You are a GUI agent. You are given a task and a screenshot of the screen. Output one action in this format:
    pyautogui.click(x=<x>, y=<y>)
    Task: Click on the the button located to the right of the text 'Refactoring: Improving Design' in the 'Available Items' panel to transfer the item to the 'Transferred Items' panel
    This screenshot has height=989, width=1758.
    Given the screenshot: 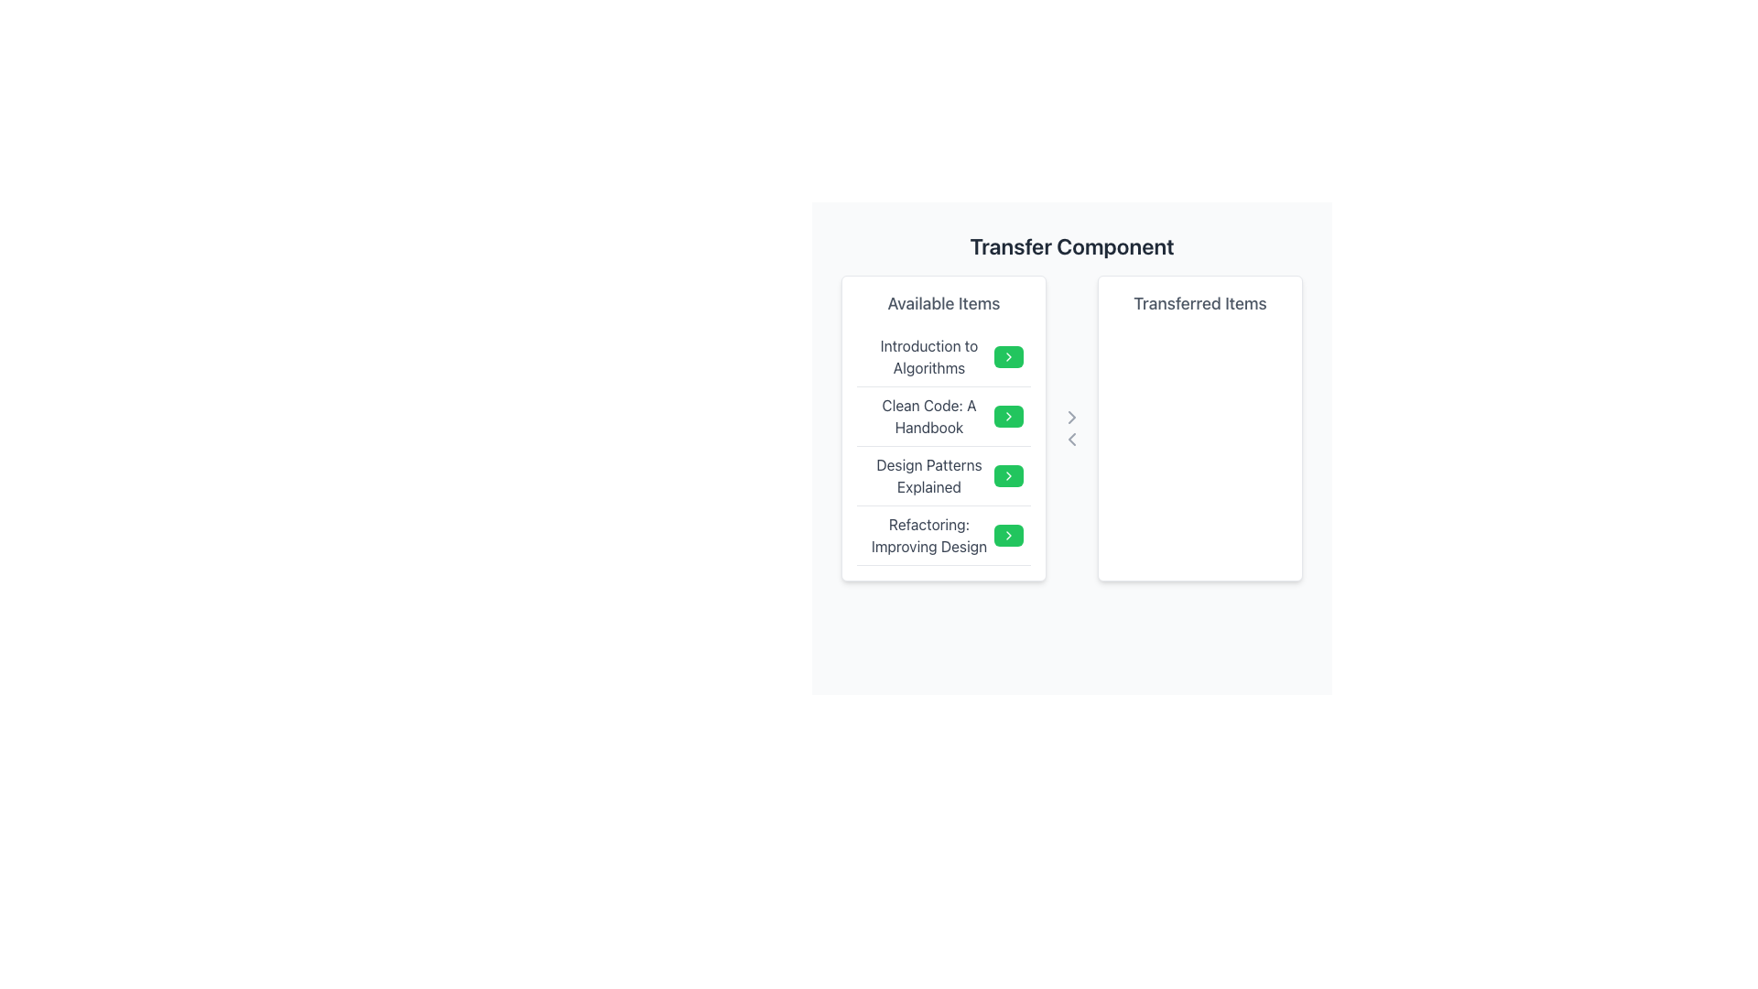 What is the action you would take?
    pyautogui.click(x=1008, y=536)
    